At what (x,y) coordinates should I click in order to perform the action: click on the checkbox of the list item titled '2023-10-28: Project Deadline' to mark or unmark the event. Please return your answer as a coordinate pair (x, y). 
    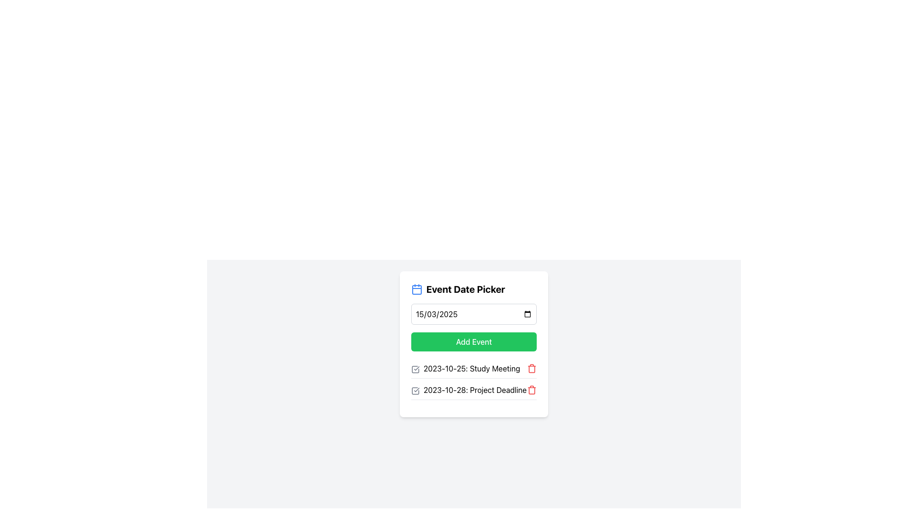
    Looking at the image, I should click on (474, 392).